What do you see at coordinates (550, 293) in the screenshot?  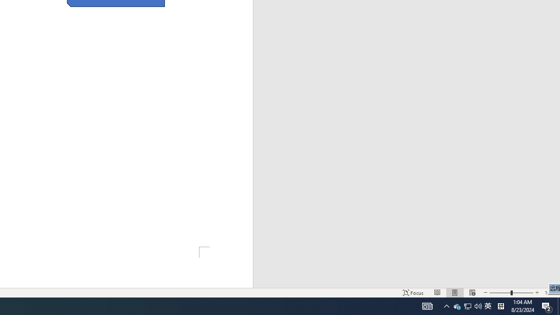 I see `'Zoom 104%'` at bounding box center [550, 293].